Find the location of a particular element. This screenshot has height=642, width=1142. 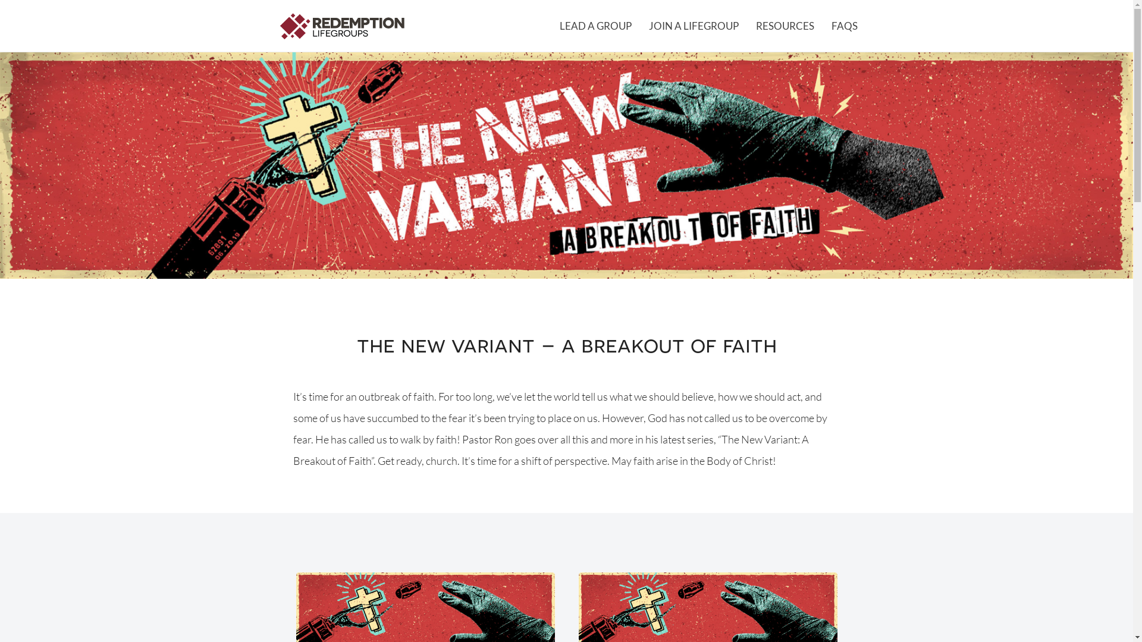

'JOIN A LIFEGROUP' is located at coordinates (639, 26).